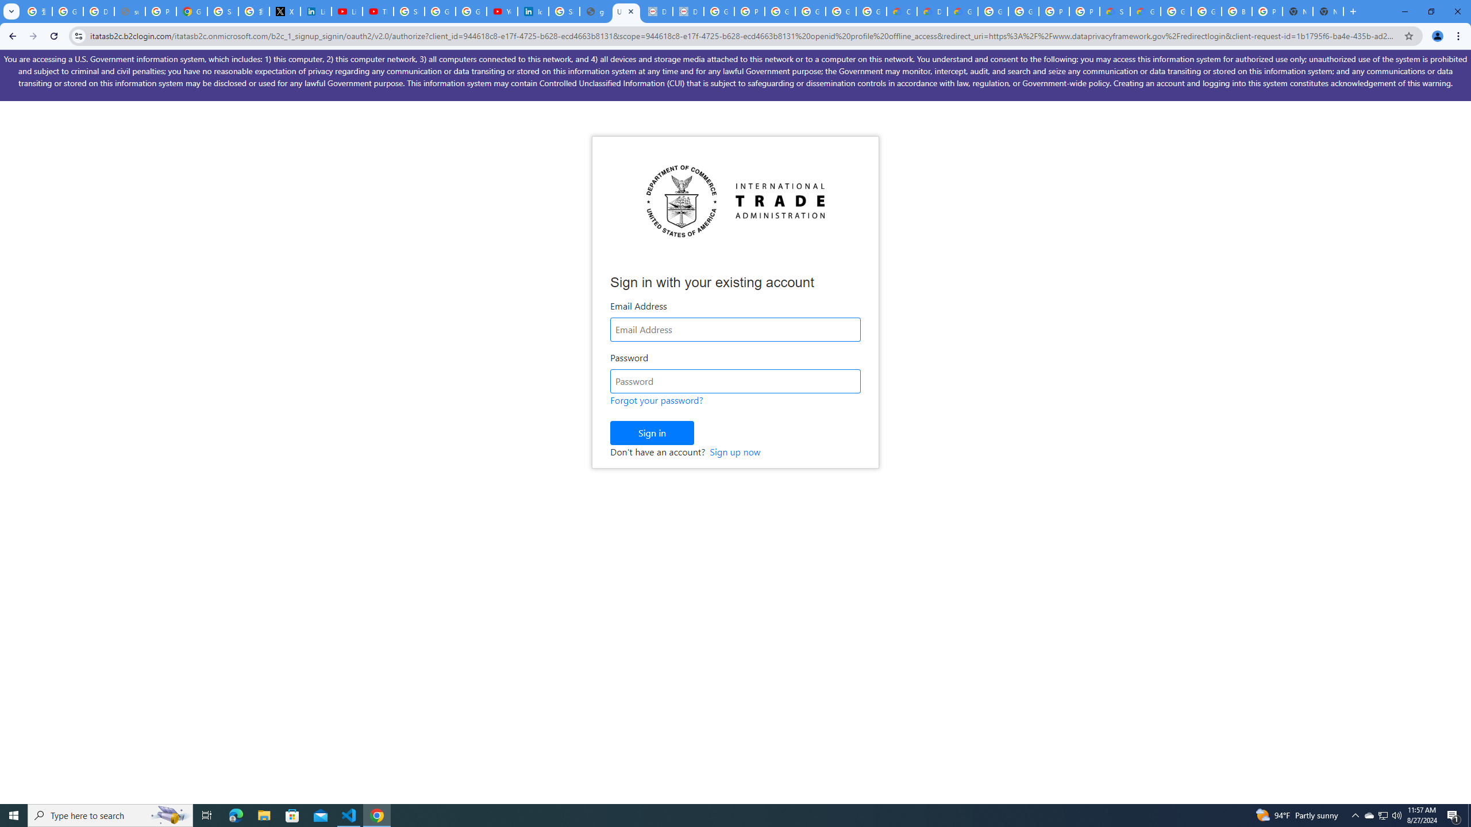 Image resolution: width=1471 pixels, height=827 pixels. I want to click on 'Email Address', so click(735, 329).